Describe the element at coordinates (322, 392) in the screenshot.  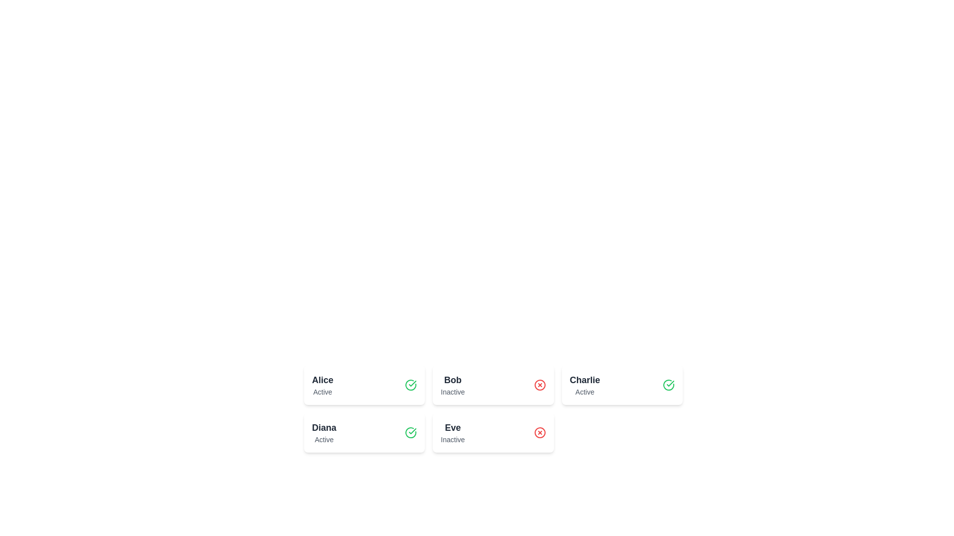
I see `the status label indicating that user 'Alice' is 'Active', located beneath the text 'Alice' in the first user information card` at that location.